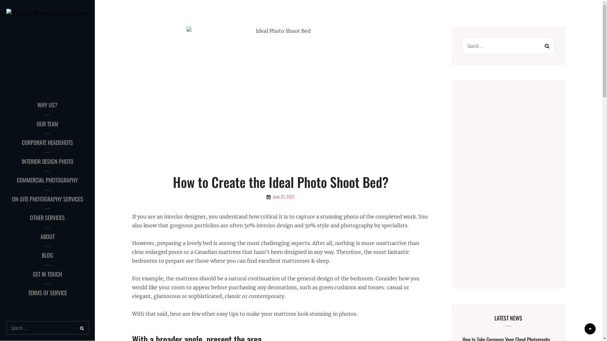  What do you see at coordinates (47, 236) in the screenshot?
I see `'ABOUT'` at bounding box center [47, 236].